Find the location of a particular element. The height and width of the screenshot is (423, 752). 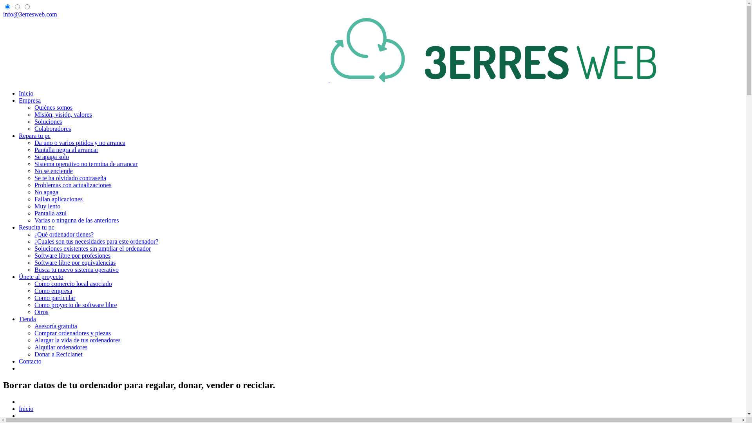

'Alargar la vida de tus ordenadores' is located at coordinates (77, 340).